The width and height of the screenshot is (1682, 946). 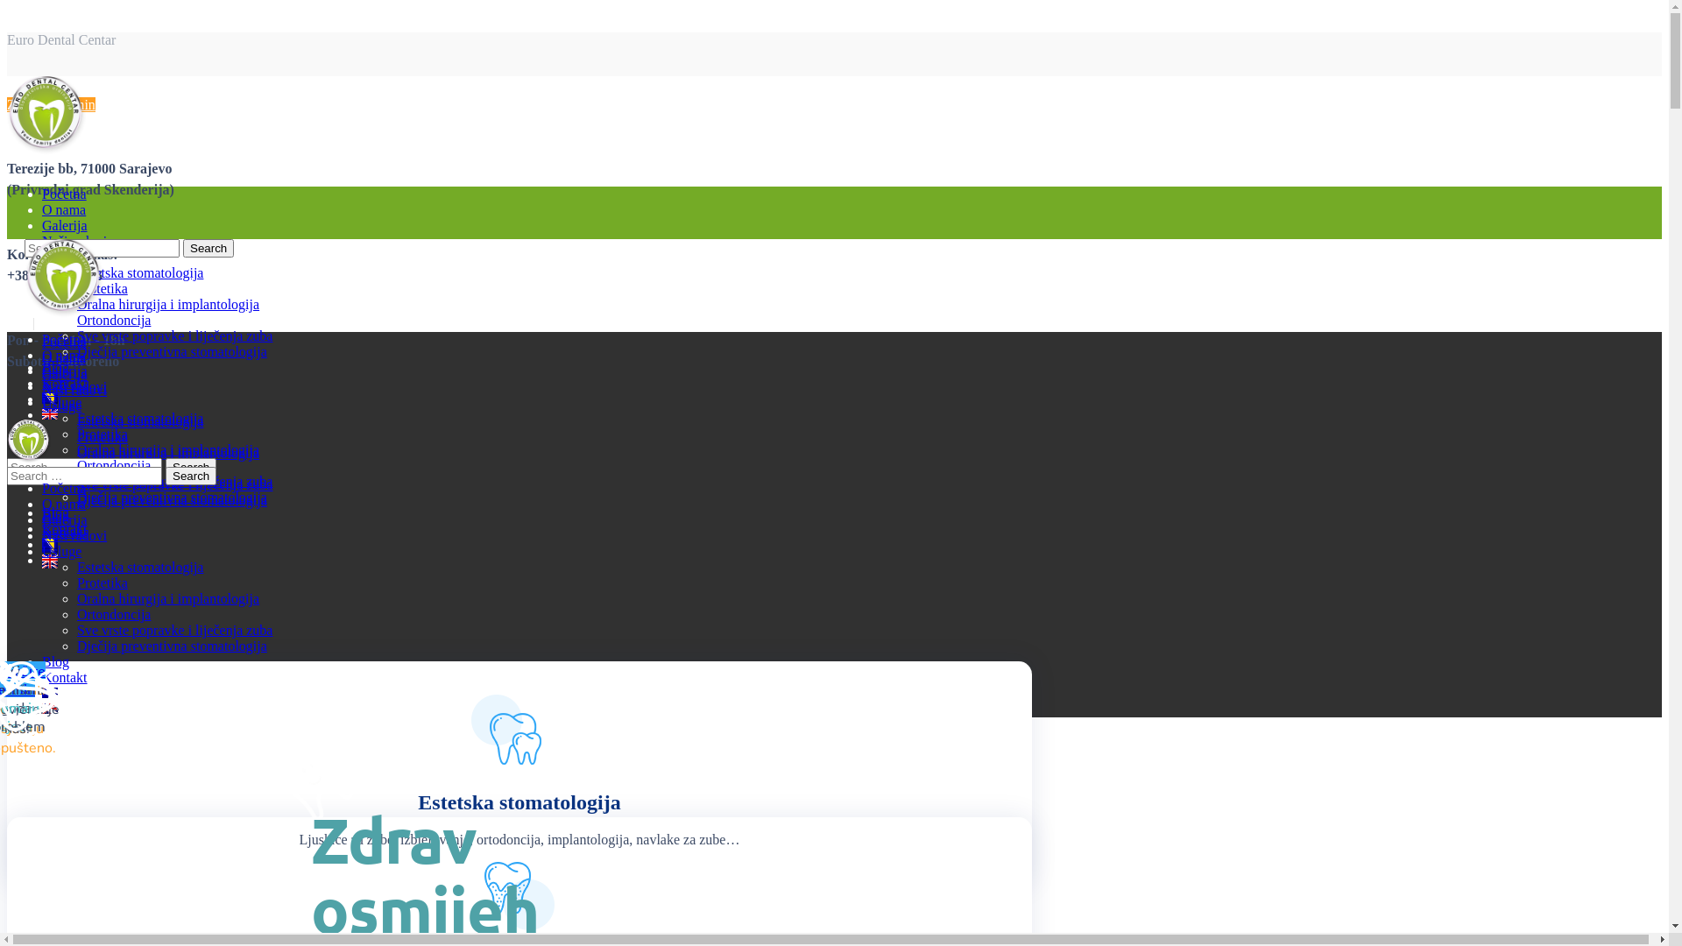 What do you see at coordinates (63, 355) in the screenshot?
I see `'O nama'` at bounding box center [63, 355].